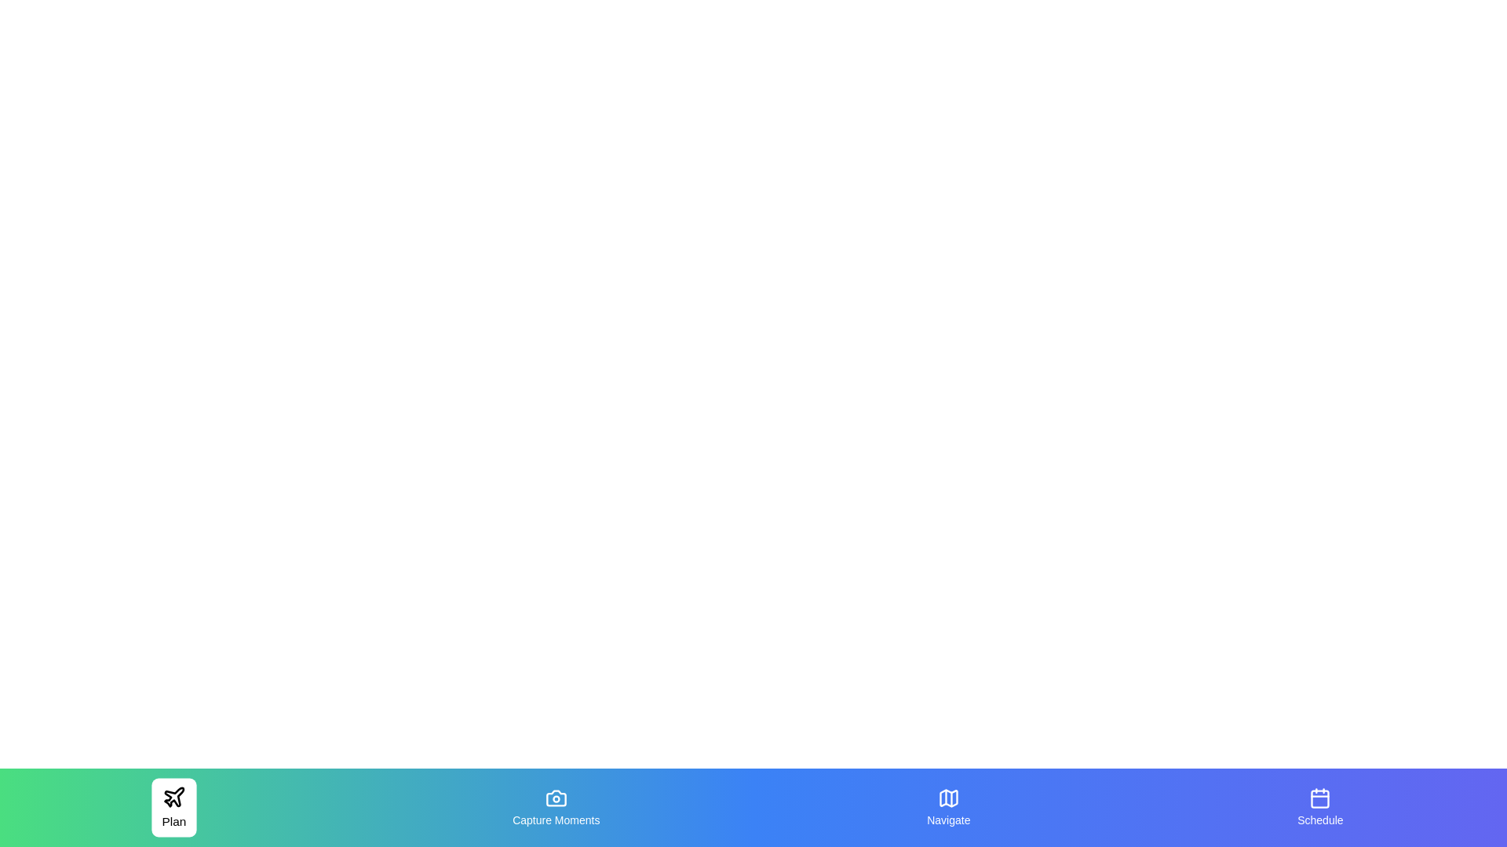 This screenshot has width=1507, height=847. Describe the element at coordinates (947, 798) in the screenshot. I see `the icon associated with the tab Navigate` at that location.